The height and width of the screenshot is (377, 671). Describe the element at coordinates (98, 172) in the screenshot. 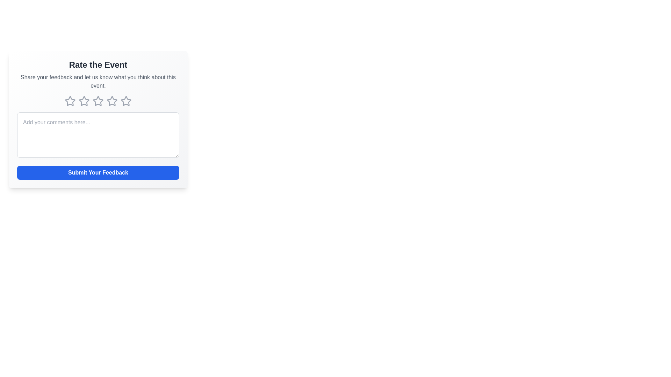

I see `the submit button located at the bottom center of the feedback form` at that location.